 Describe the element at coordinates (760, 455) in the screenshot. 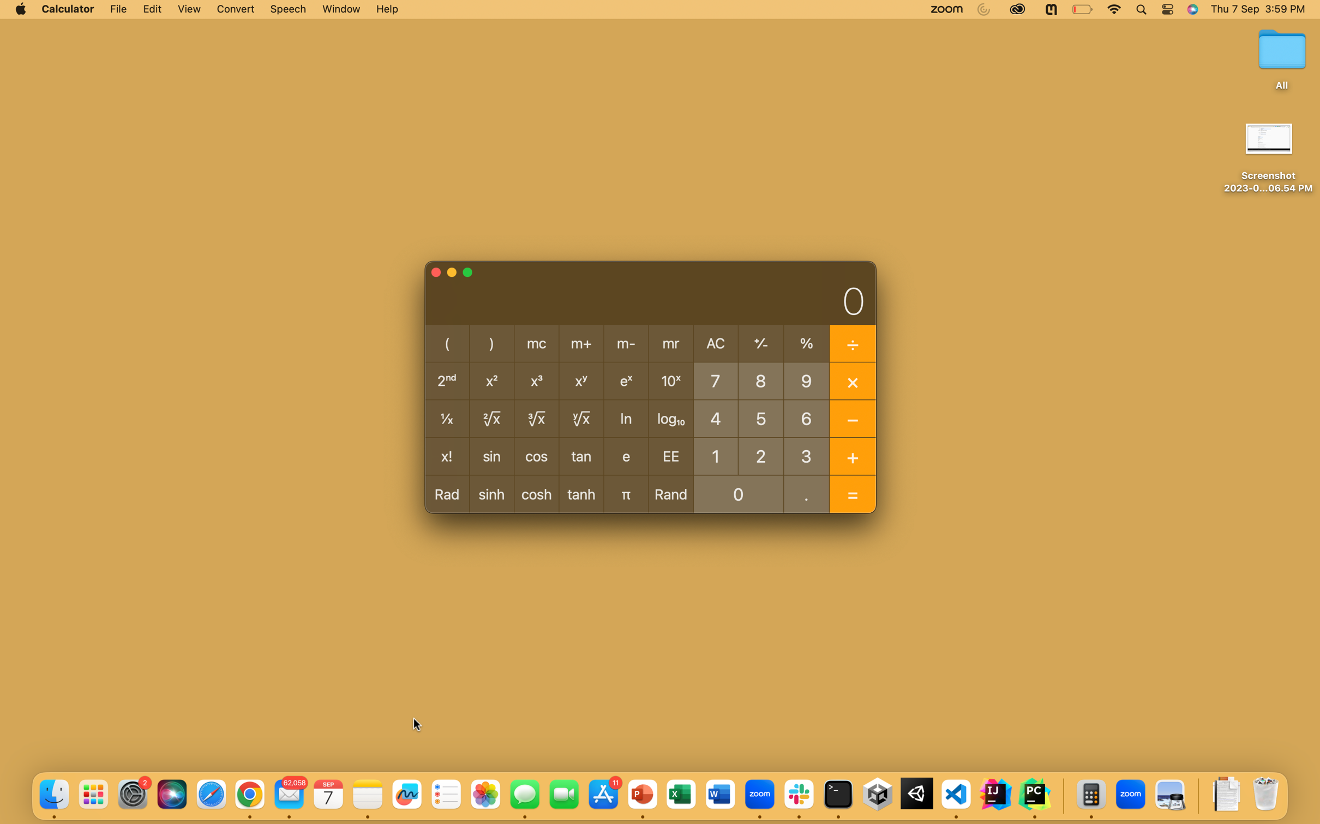

I see `Execute the calculation of 2 divided by 0` at that location.